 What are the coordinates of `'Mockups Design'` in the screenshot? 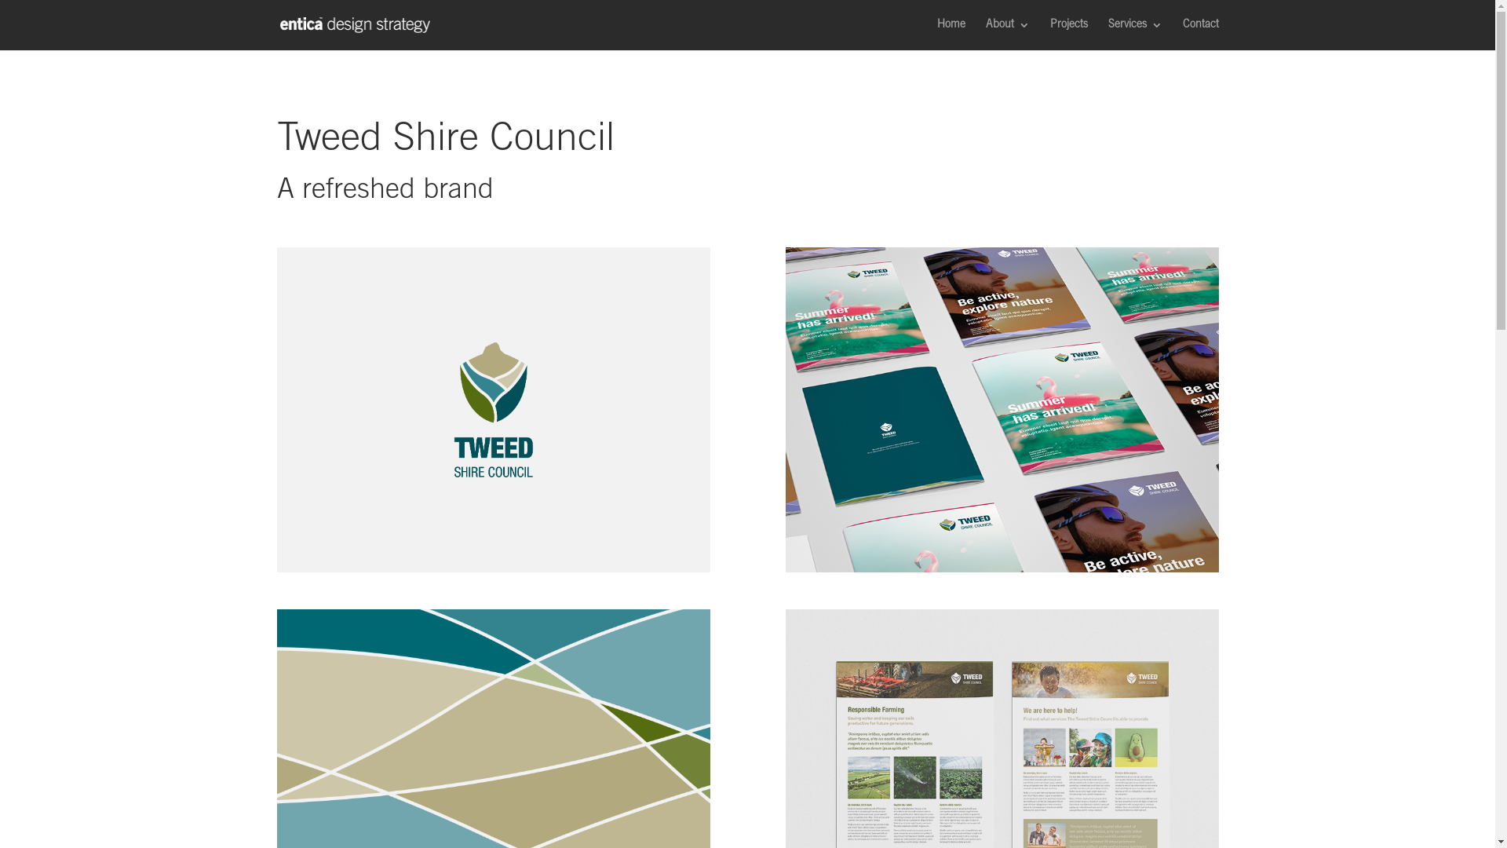 It's located at (1001, 408).